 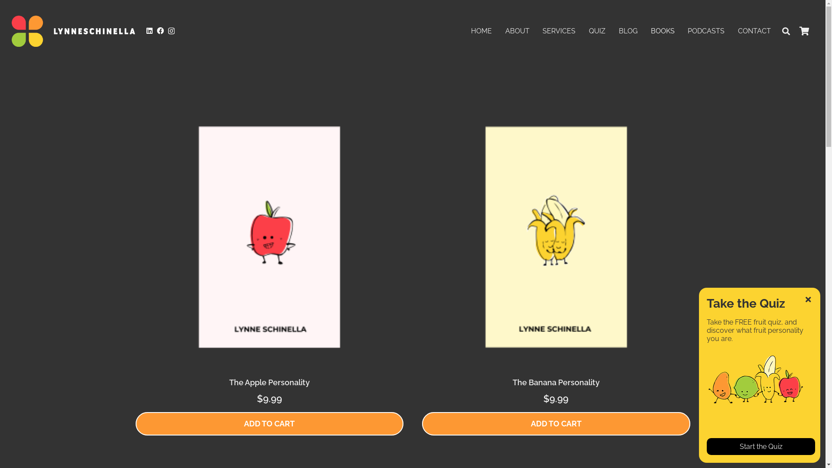 What do you see at coordinates (135, 254) in the screenshot?
I see `'The Apple Personality` at bounding box center [135, 254].